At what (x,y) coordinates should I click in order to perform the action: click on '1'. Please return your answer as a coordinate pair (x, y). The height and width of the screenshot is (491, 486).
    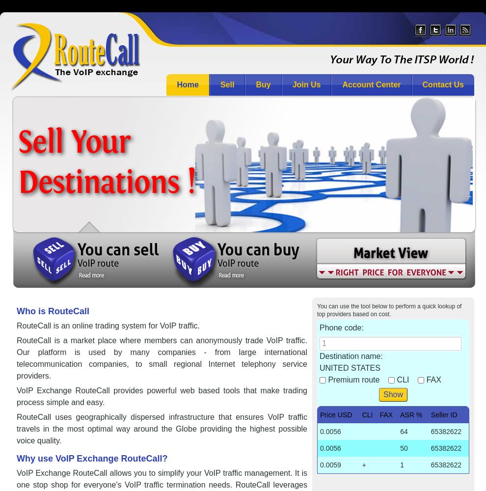
    Looking at the image, I should click on (401, 464).